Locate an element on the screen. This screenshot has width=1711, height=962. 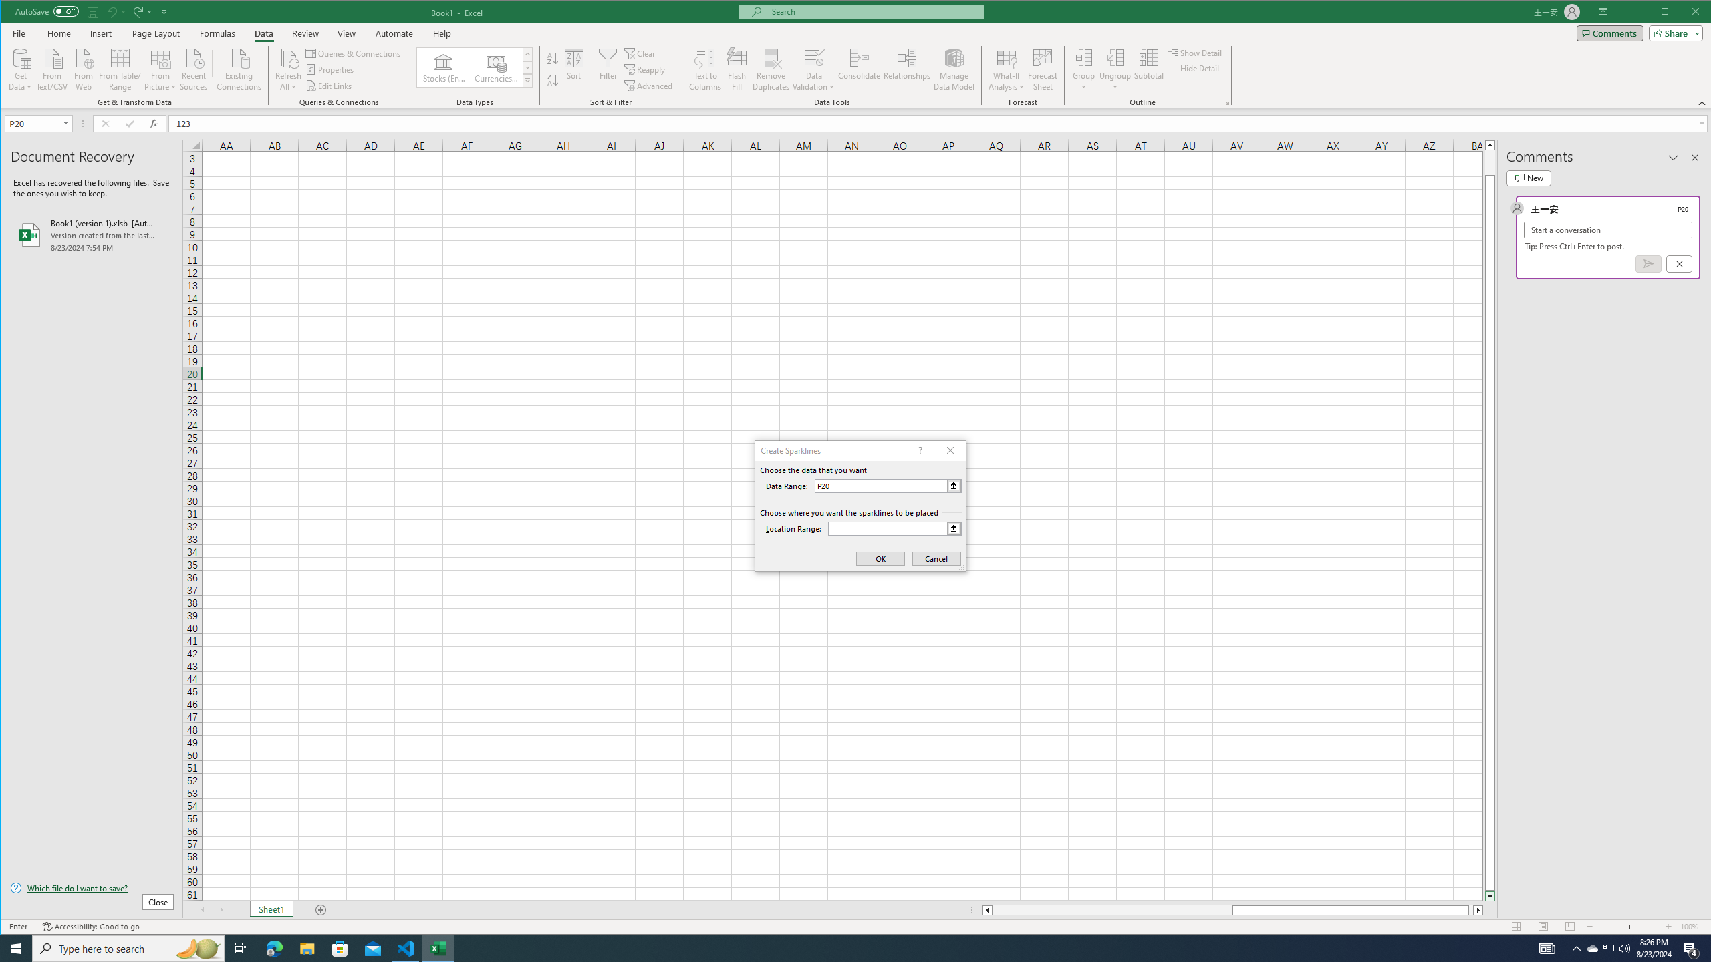
'Filter' is located at coordinates (608, 69).